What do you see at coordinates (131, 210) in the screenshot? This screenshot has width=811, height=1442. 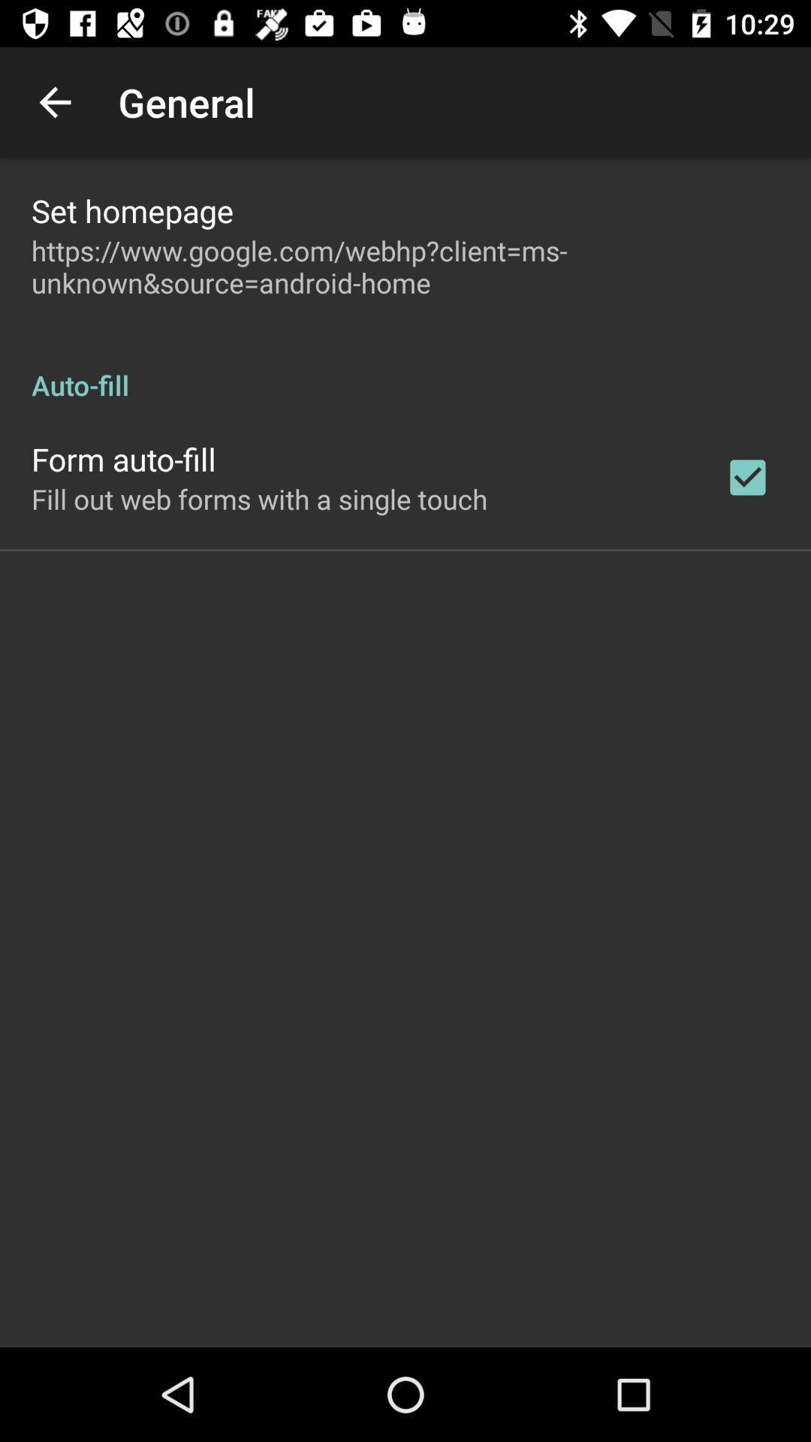 I see `the set homepage item` at bounding box center [131, 210].